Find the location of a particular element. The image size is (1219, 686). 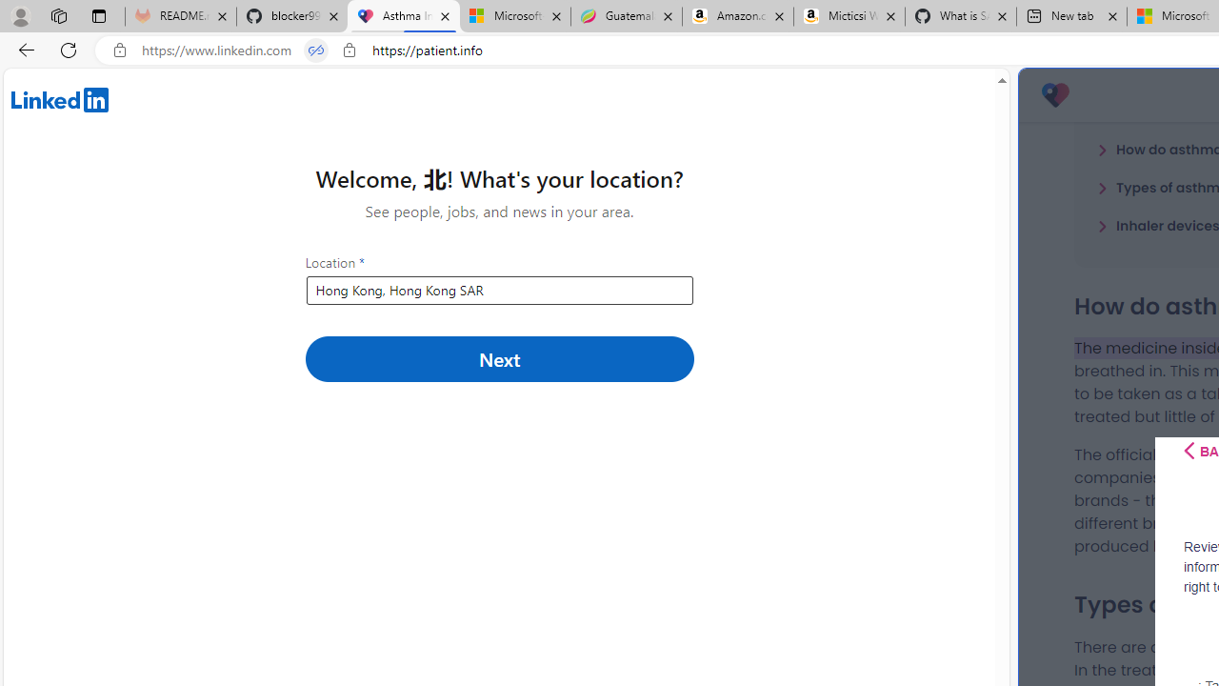

'Workspaces' is located at coordinates (58, 15).